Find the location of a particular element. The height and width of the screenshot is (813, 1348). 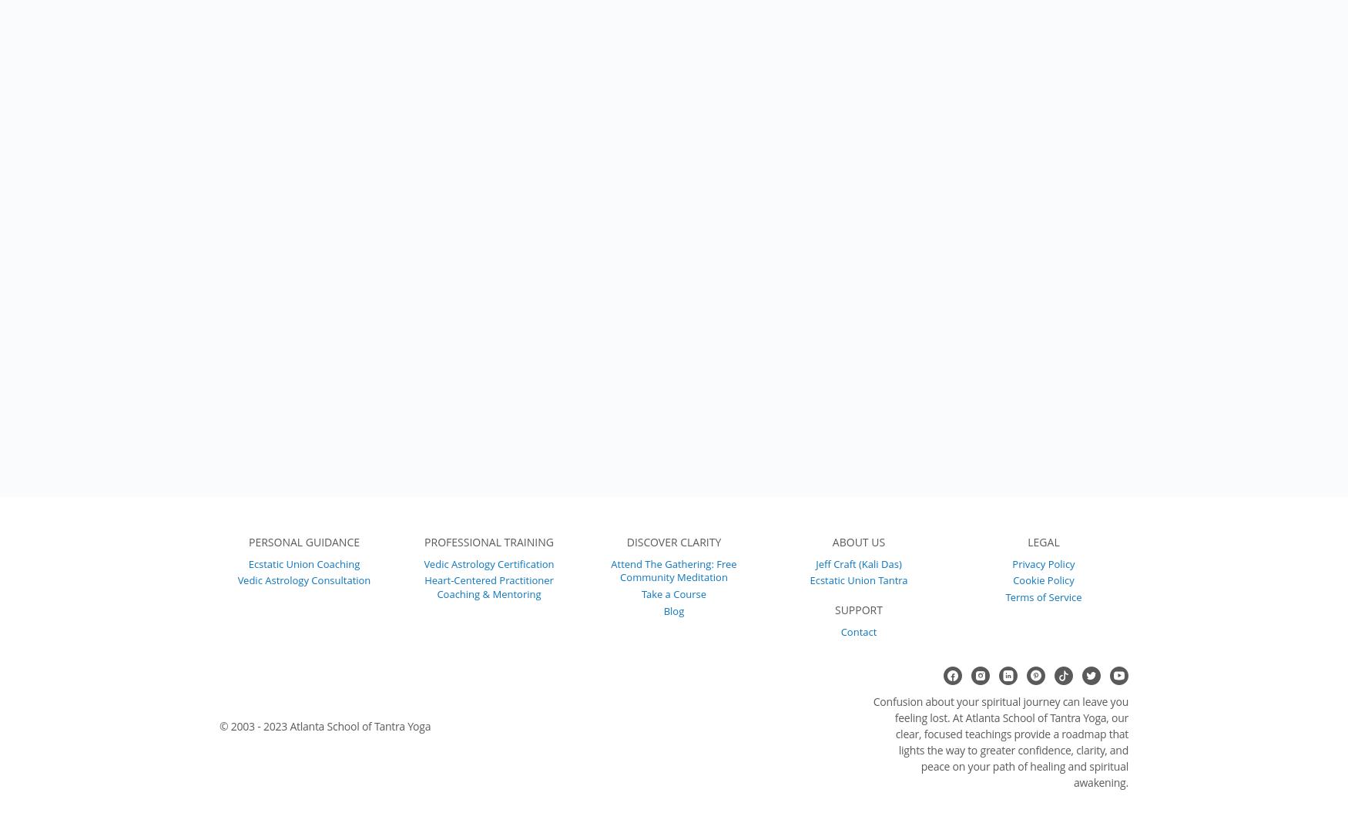

'Vedic Astrology Certification' is located at coordinates (488, 563).